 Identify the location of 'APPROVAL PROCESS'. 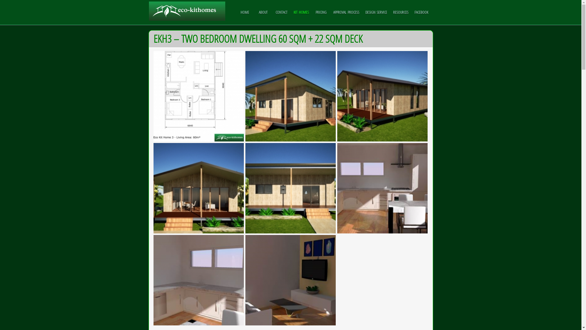
(346, 12).